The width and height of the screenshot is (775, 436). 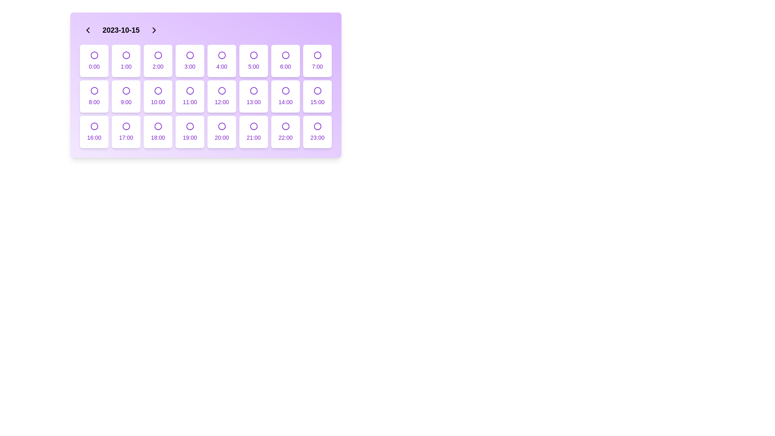 What do you see at coordinates (189, 96) in the screenshot?
I see `the selectable time slot button representing '11:00', located in the second row and sixth column of the grid layout for keyboard navigation` at bounding box center [189, 96].